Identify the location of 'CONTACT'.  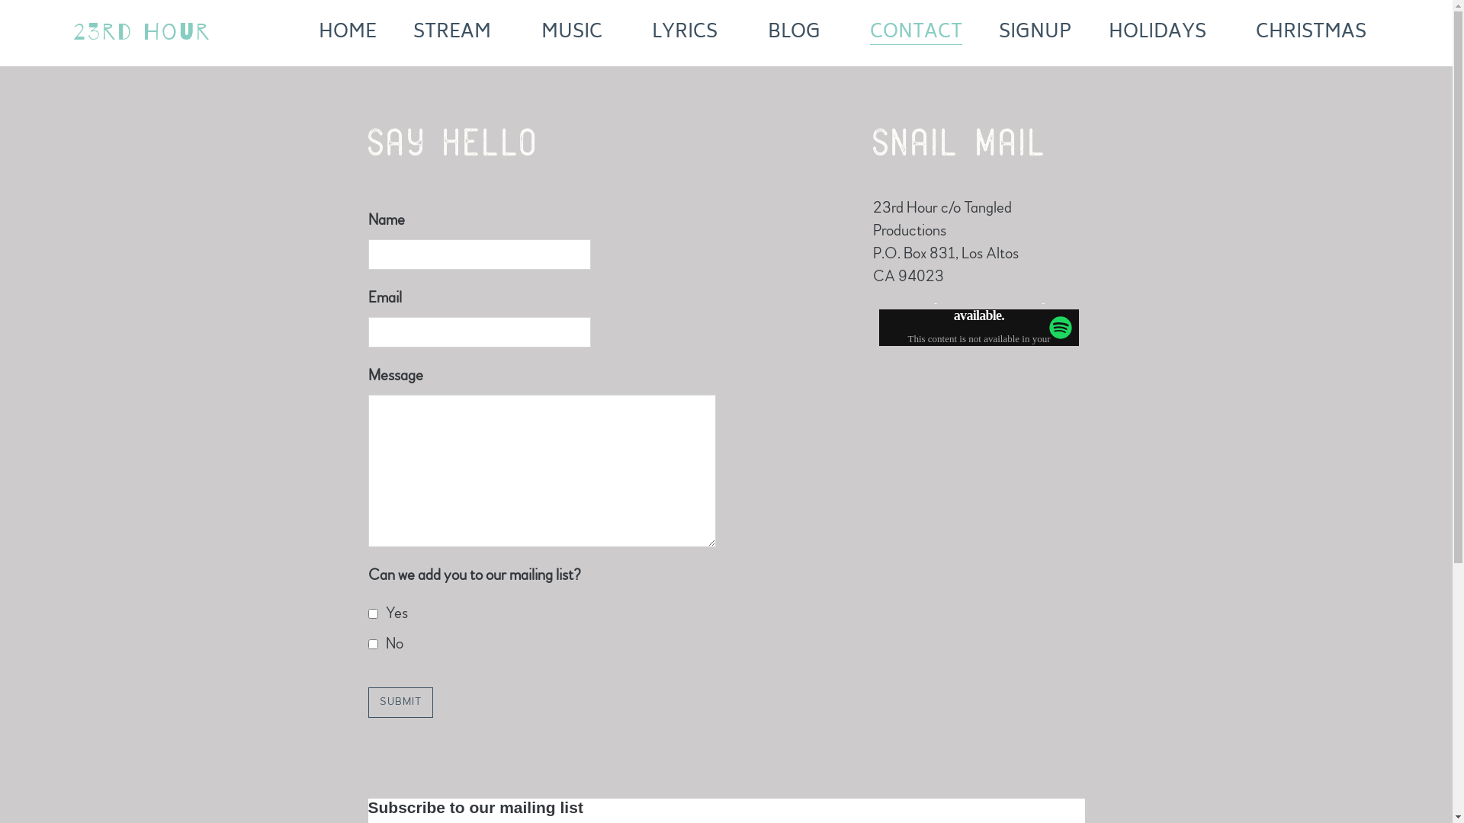
(915, 33).